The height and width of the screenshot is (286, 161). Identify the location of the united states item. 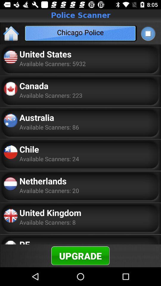
(45, 54).